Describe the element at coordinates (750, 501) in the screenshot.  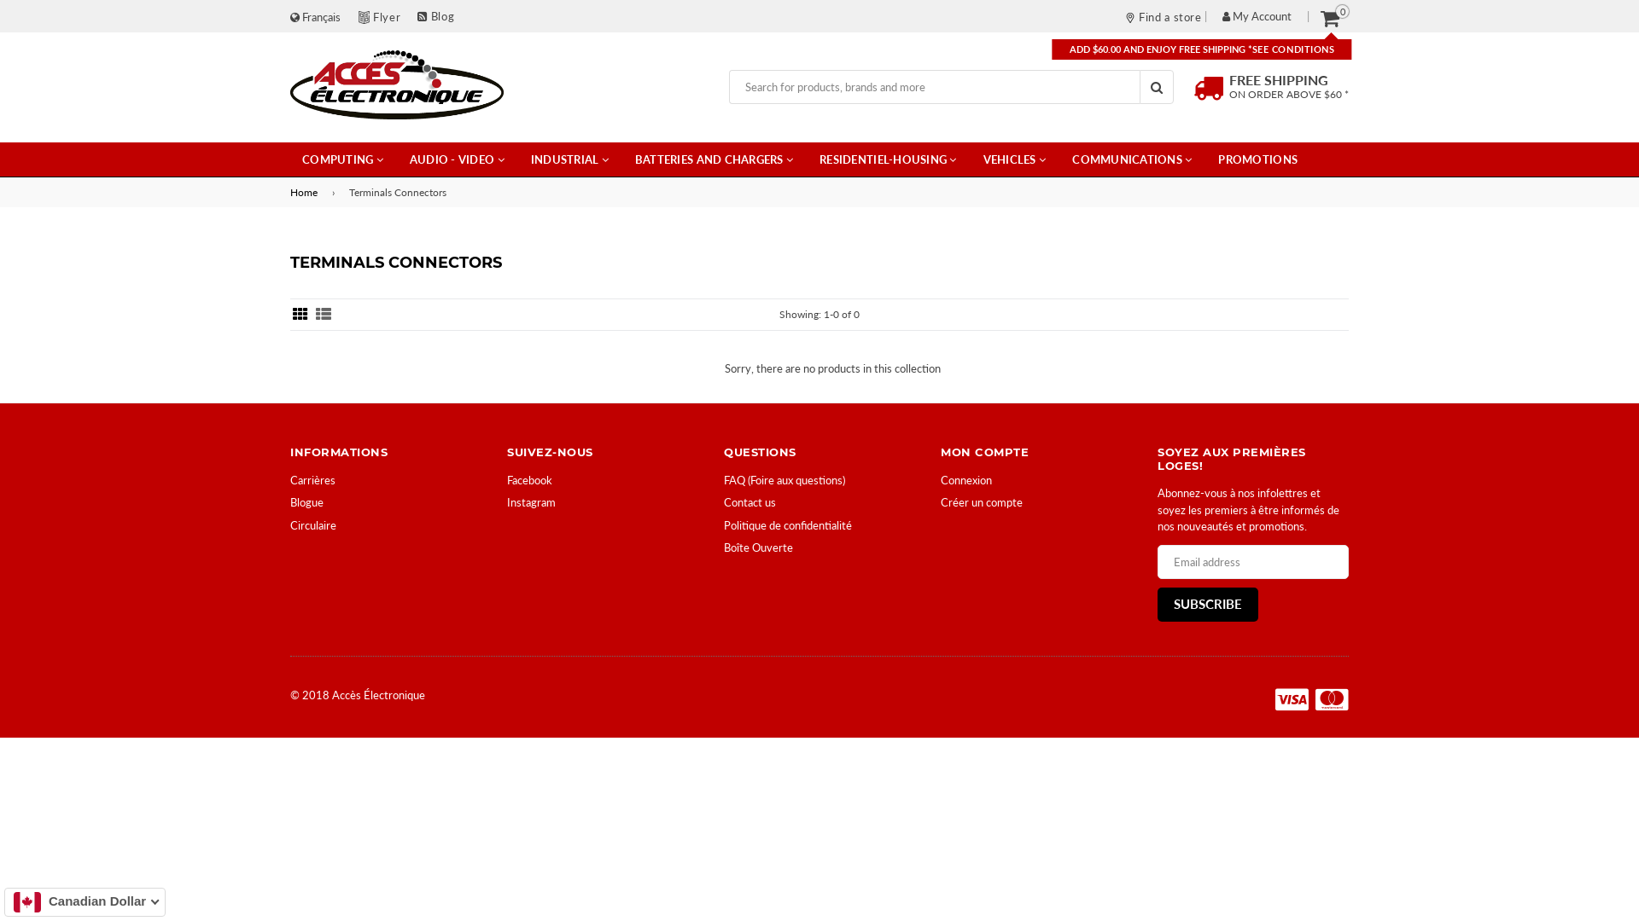
I see `'Contact us'` at that location.